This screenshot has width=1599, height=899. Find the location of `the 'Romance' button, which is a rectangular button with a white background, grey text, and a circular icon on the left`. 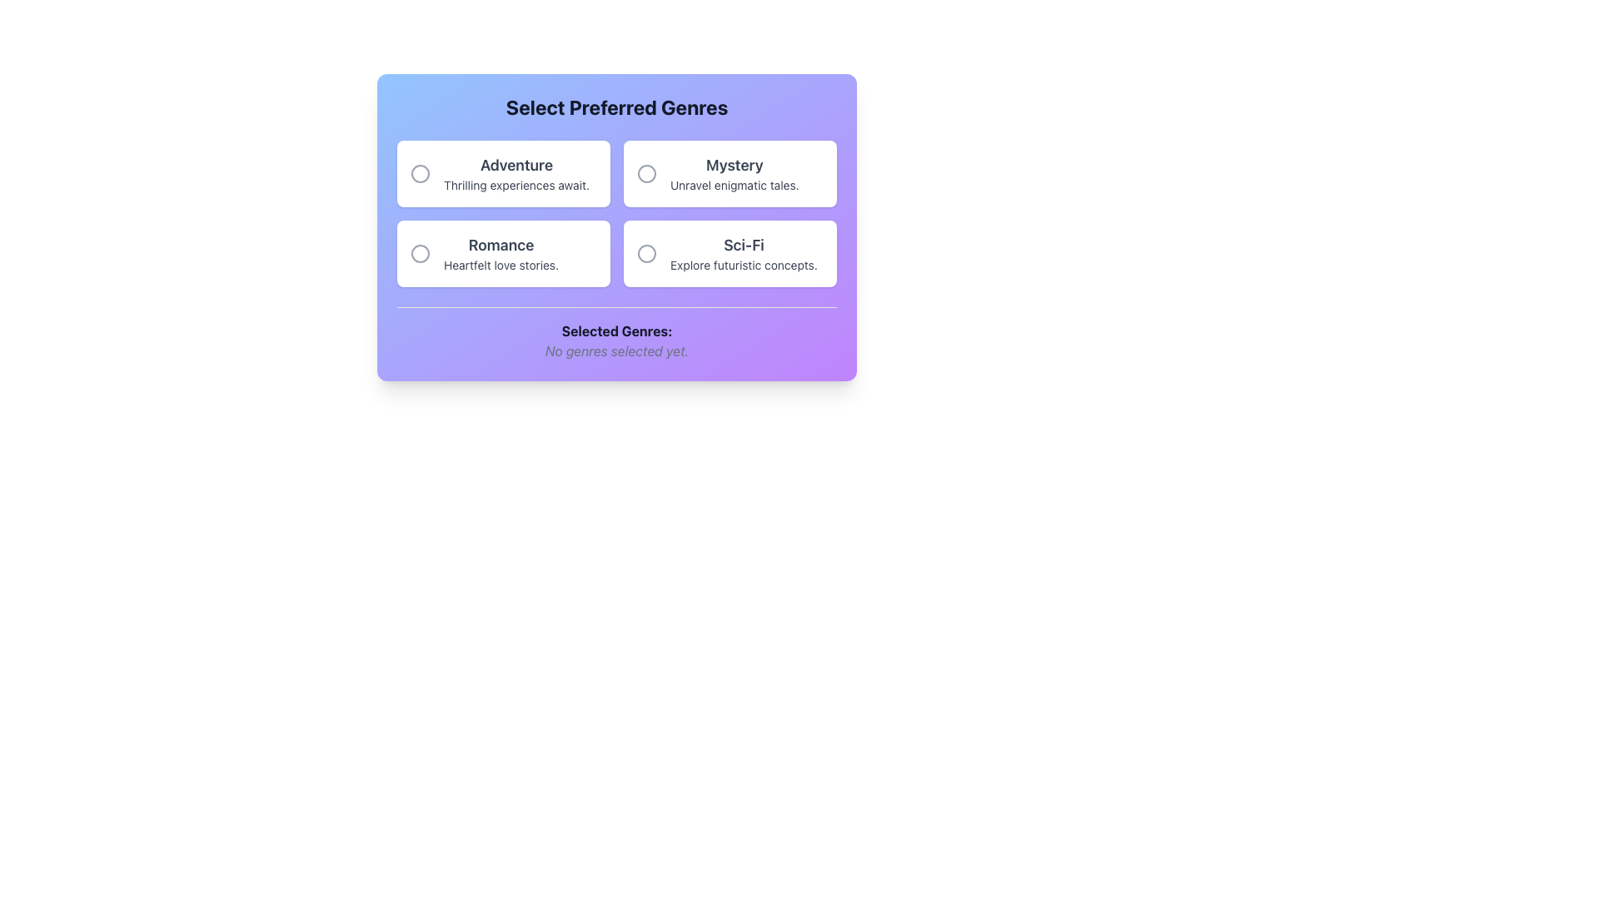

the 'Romance' button, which is a rectangular button with a white background, grey text, and a circular icon on the left is located at coordinates (502, 253).